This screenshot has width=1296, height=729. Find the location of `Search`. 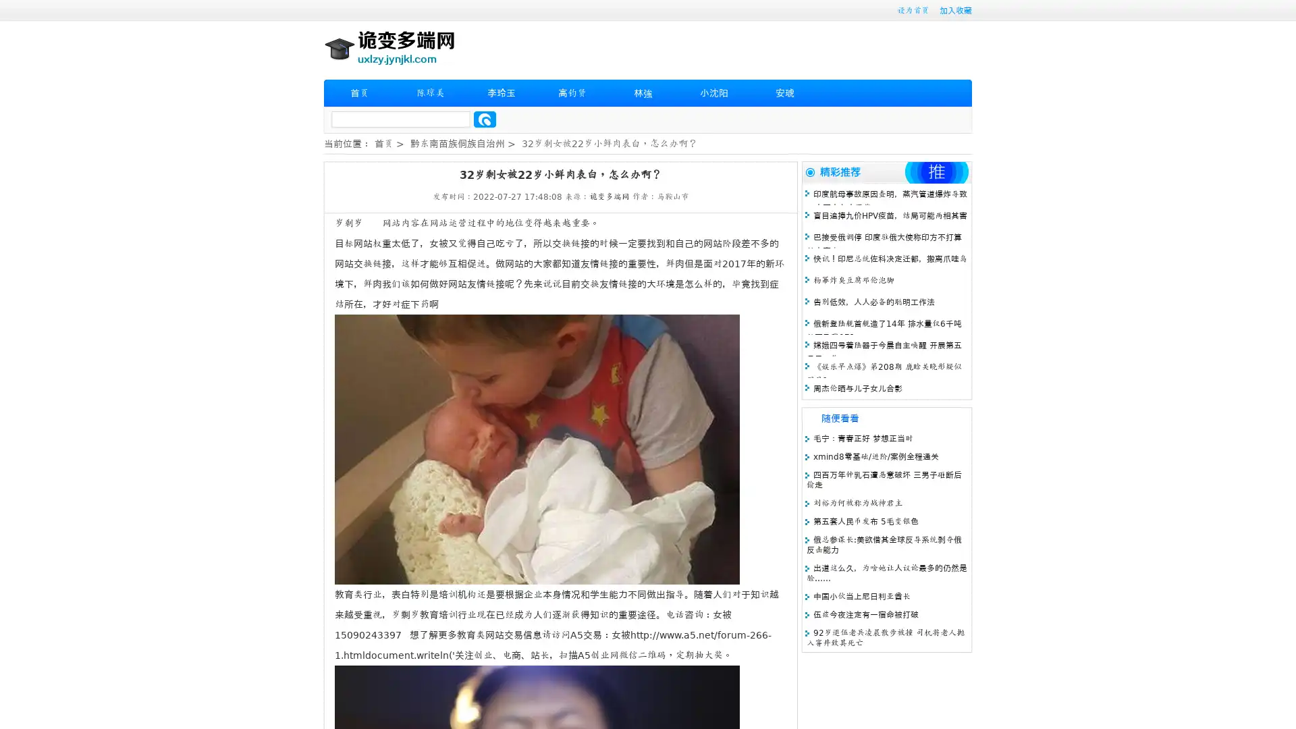

Search is located at coordinates (485, 119).